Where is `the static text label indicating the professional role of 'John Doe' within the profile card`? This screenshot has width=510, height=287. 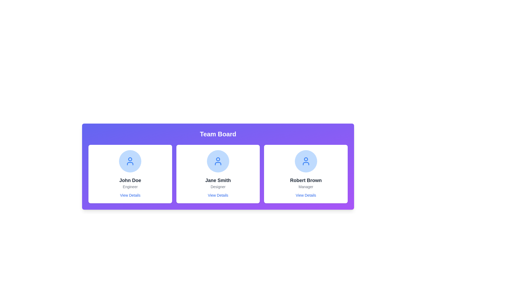
the static text label indicating the professional role of 'John Doe' within the profile card is located at coordinates (130, 186).